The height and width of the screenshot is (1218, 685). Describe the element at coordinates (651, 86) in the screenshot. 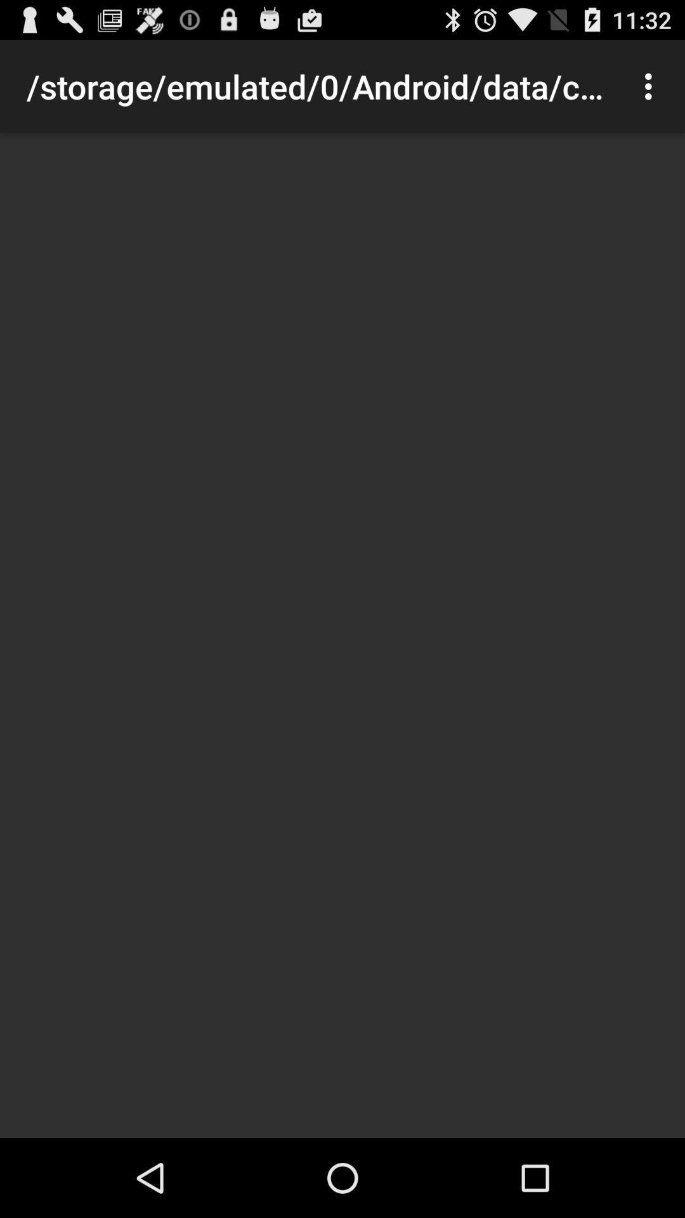

I see `item to the right of the storage emulated 0` at that location.